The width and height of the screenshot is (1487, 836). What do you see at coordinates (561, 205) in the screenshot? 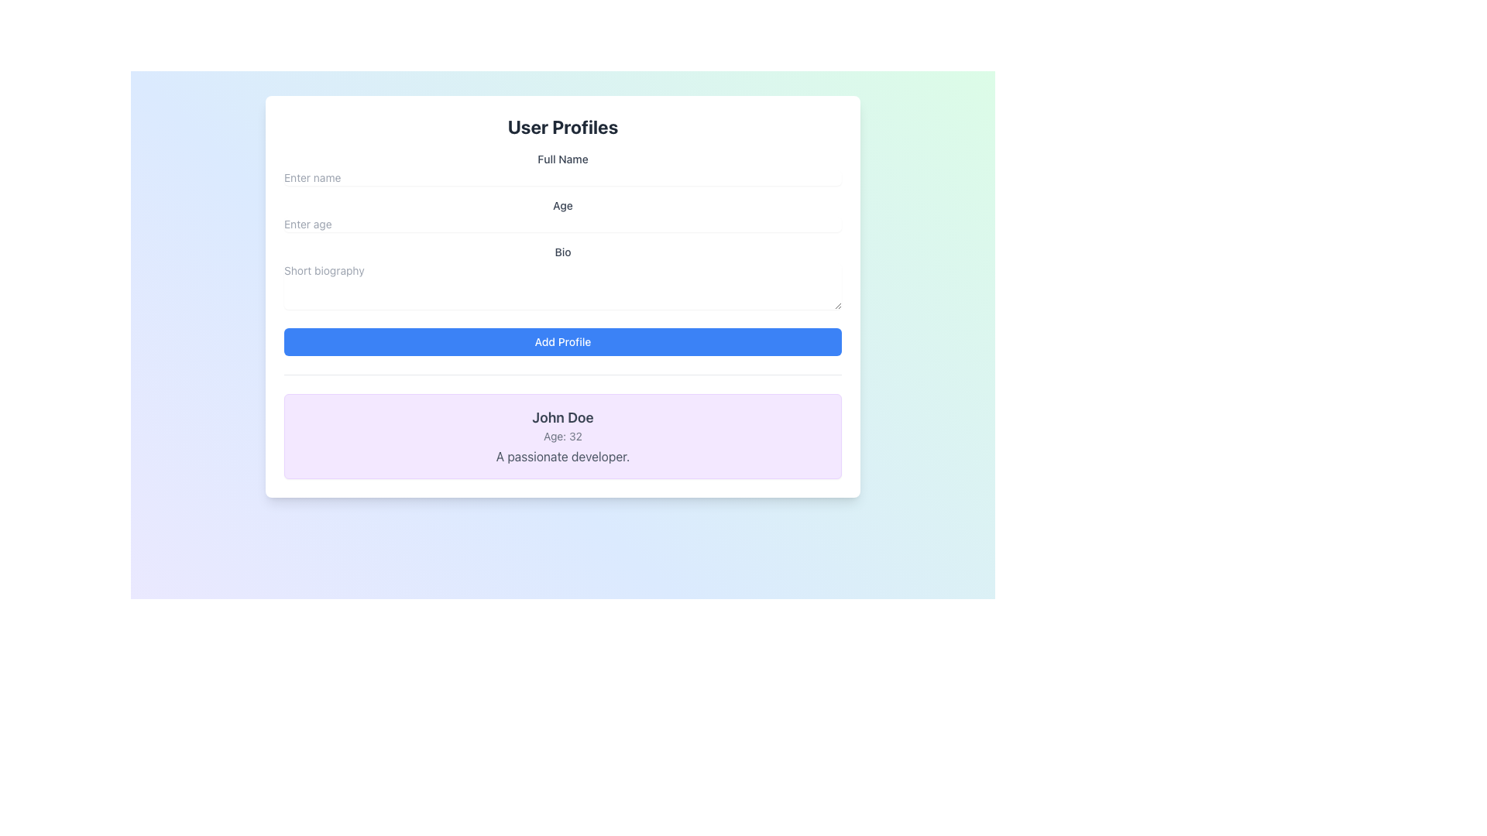
I see `the text label displaying 'Age' in bold, dark gray font, located above the input field for entering age information` at bounding box center [561, 205].